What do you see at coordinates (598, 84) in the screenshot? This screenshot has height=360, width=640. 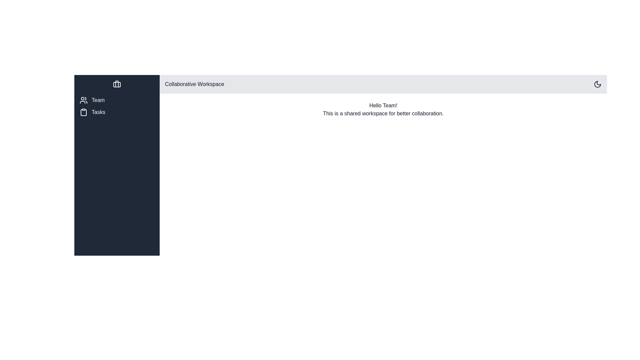 I see `the crescent moon icon button located at the far right of the 'Collaborative Workspace' bar` at bounding box center [598, 84].